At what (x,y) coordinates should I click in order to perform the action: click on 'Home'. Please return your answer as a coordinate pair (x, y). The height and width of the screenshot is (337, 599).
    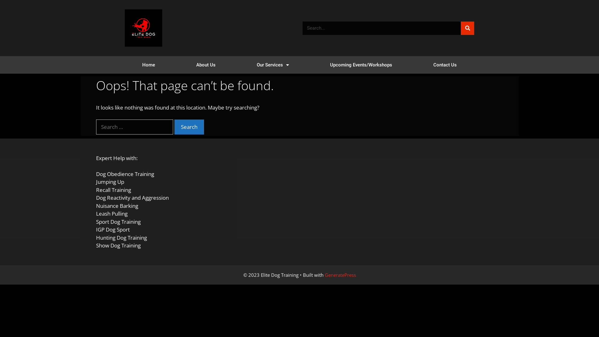
    Looking at the image, I should click on (121, 65).